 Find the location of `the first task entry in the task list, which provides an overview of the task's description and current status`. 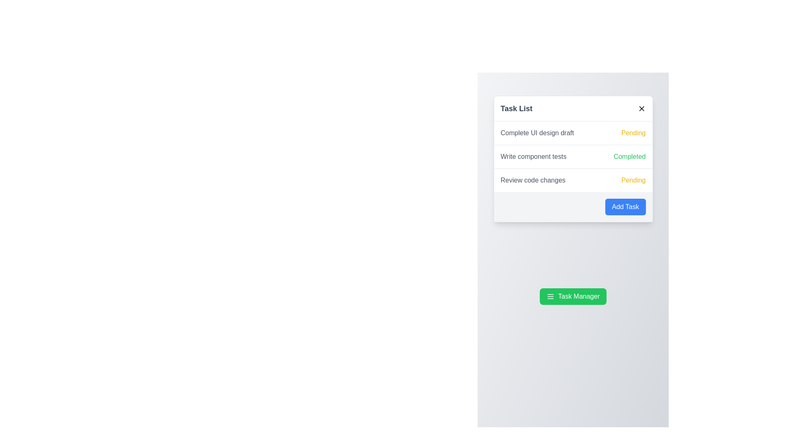

the first task entry in the task list, which provides an overview of the task's description and current status is located at coordinates (573, 132).